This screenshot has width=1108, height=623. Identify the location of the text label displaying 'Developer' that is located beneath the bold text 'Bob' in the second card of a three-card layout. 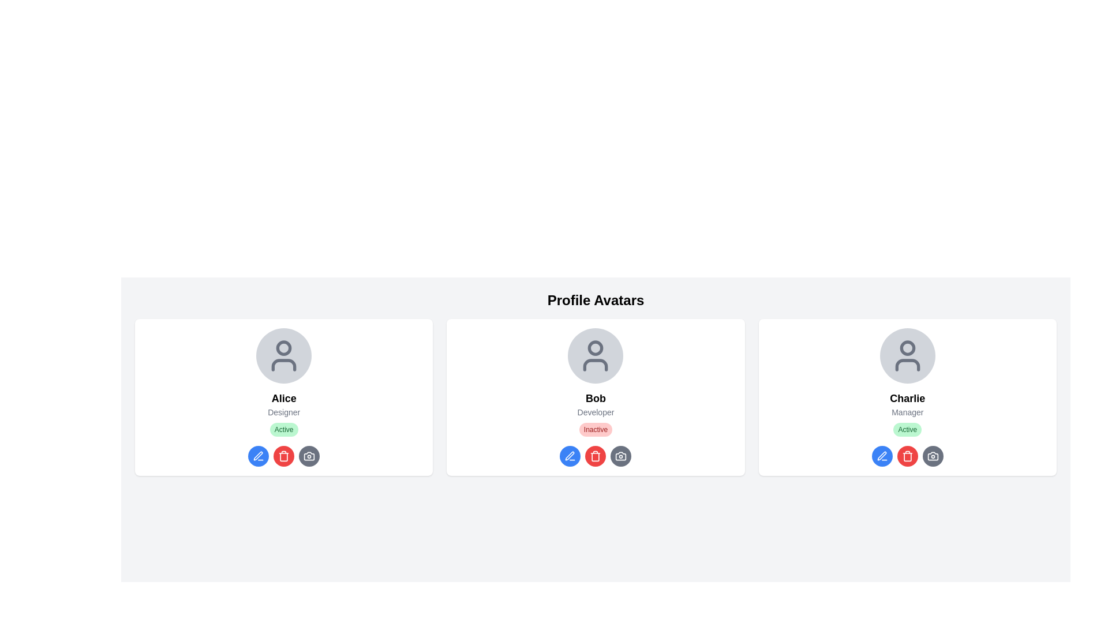
(596, 411).